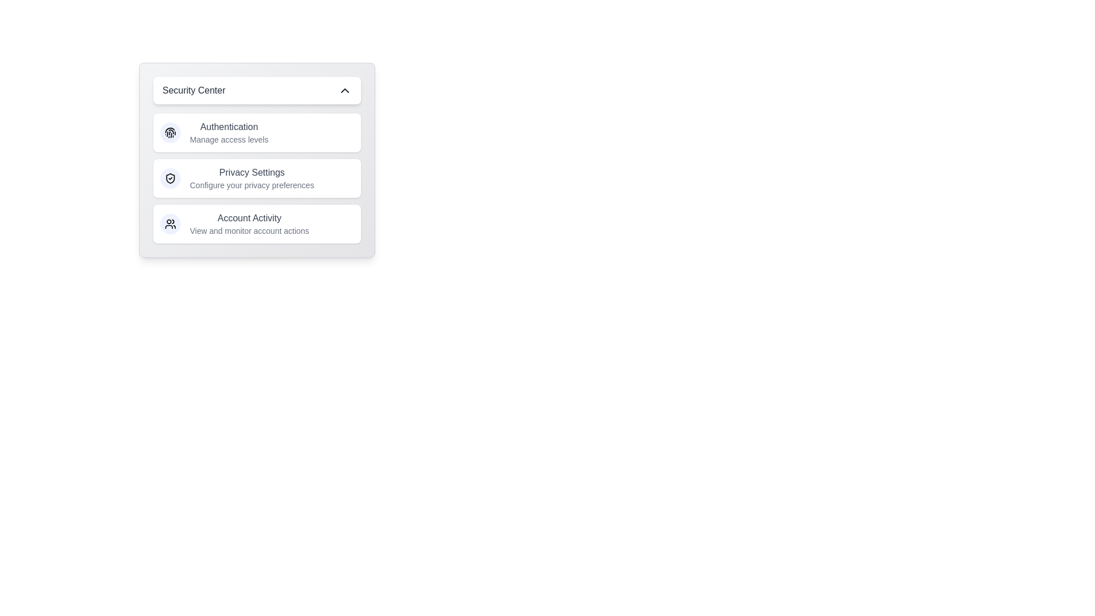 The image size is (1095, 616). I want to click on the menu item corresponding to Account Activity, so click(257, 224).